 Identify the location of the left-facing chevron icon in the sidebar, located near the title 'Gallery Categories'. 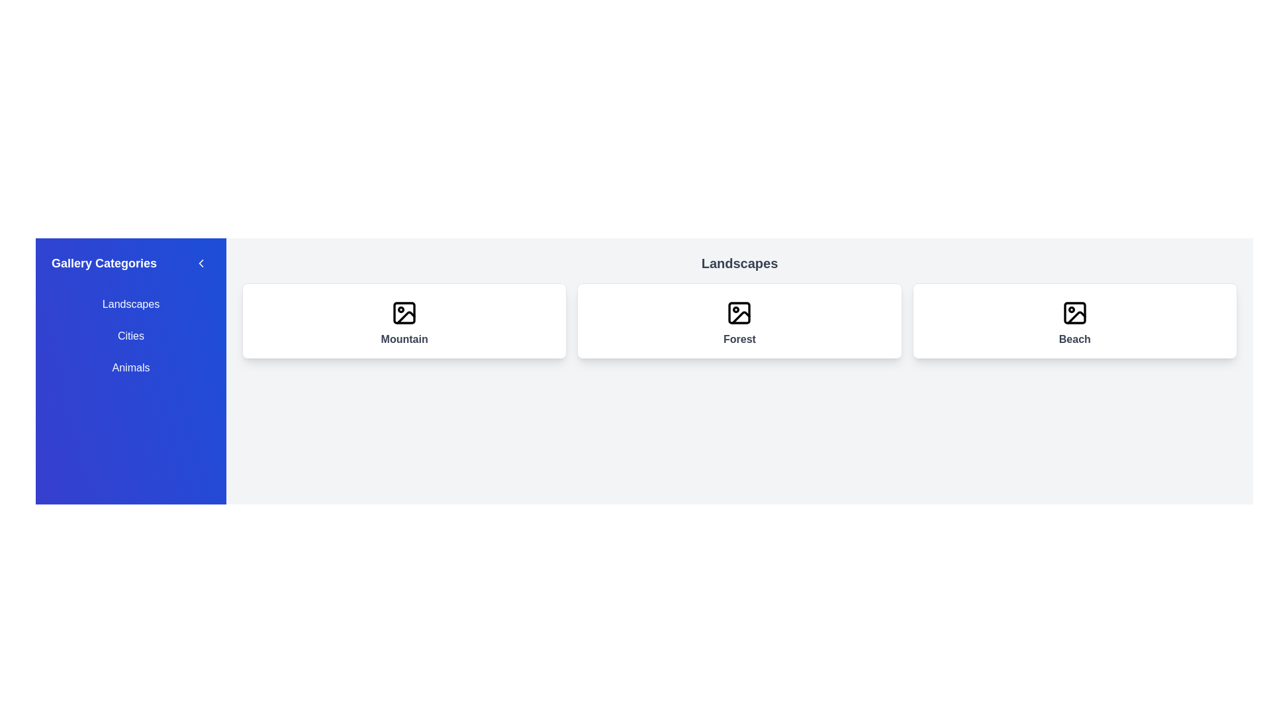
(200, 263).